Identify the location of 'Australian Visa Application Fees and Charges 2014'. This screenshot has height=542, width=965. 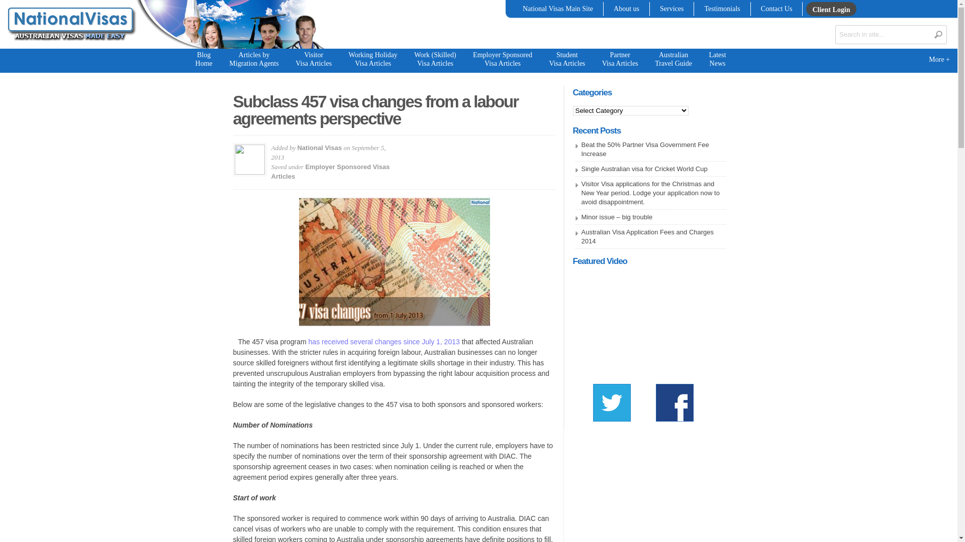
(647, 236).